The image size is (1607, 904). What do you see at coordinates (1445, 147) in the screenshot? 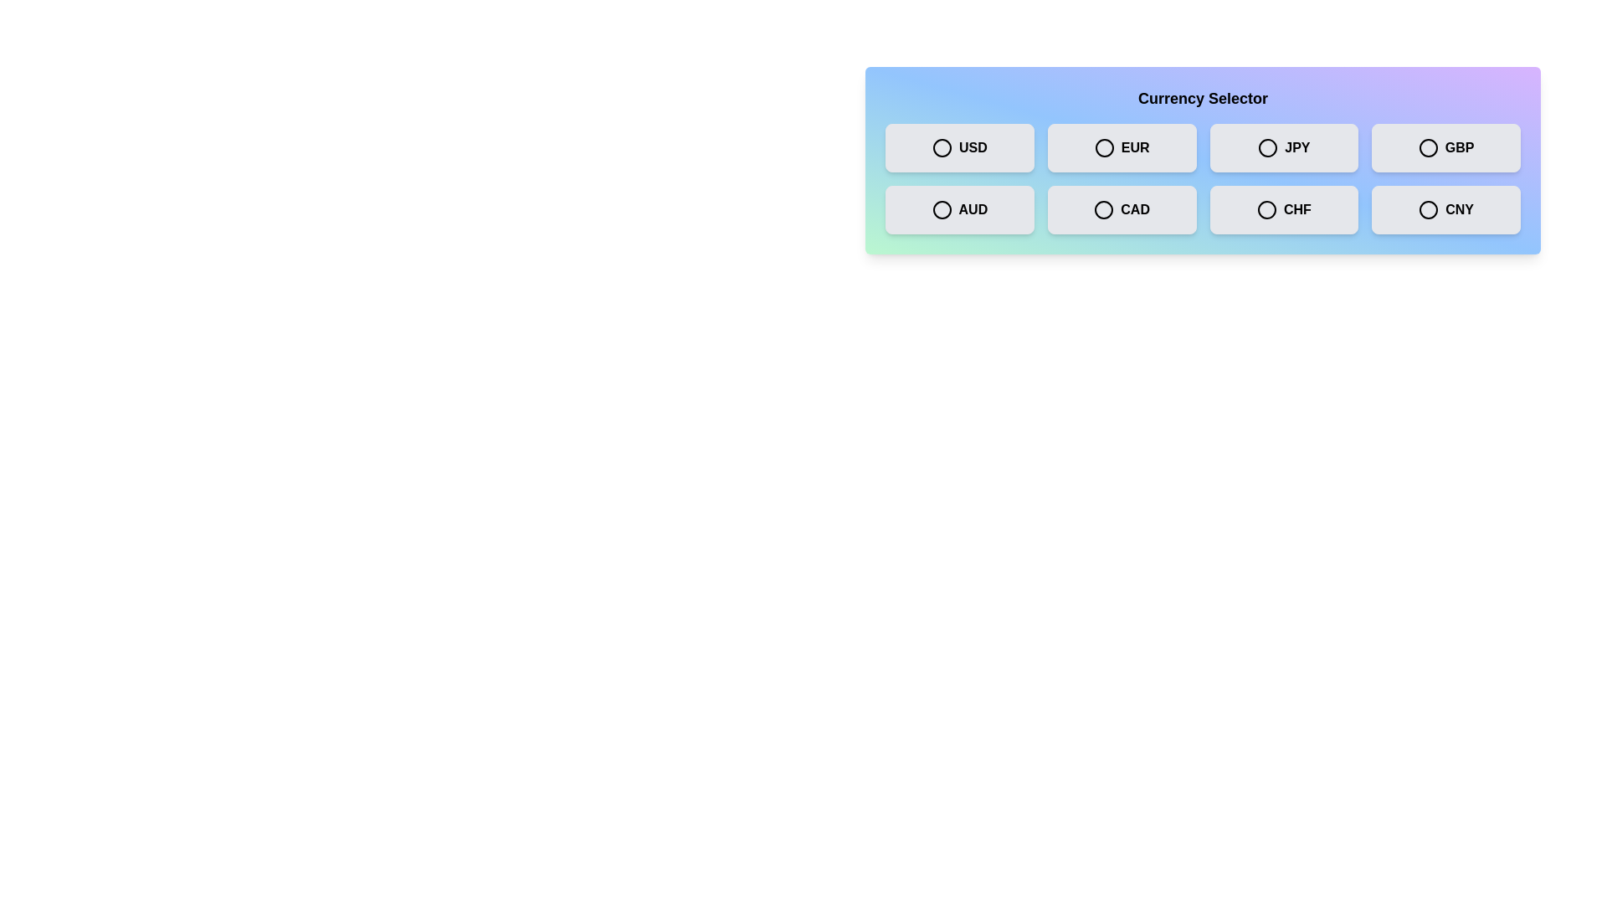
I see `the currency box labeled GBP to observe the hover effect` at bounding box center [1445, 147].